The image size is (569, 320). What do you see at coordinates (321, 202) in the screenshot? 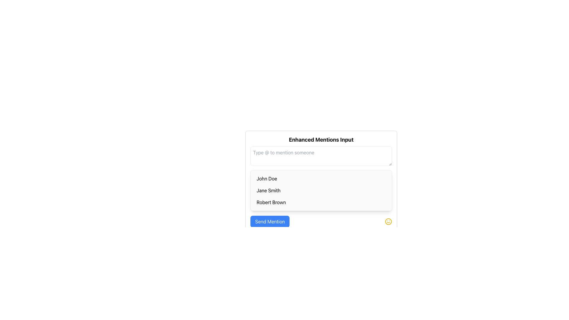
I see `the third selectable item labeled 'Robert Brown' in the dropdown list` at bounding box center [321, 202].